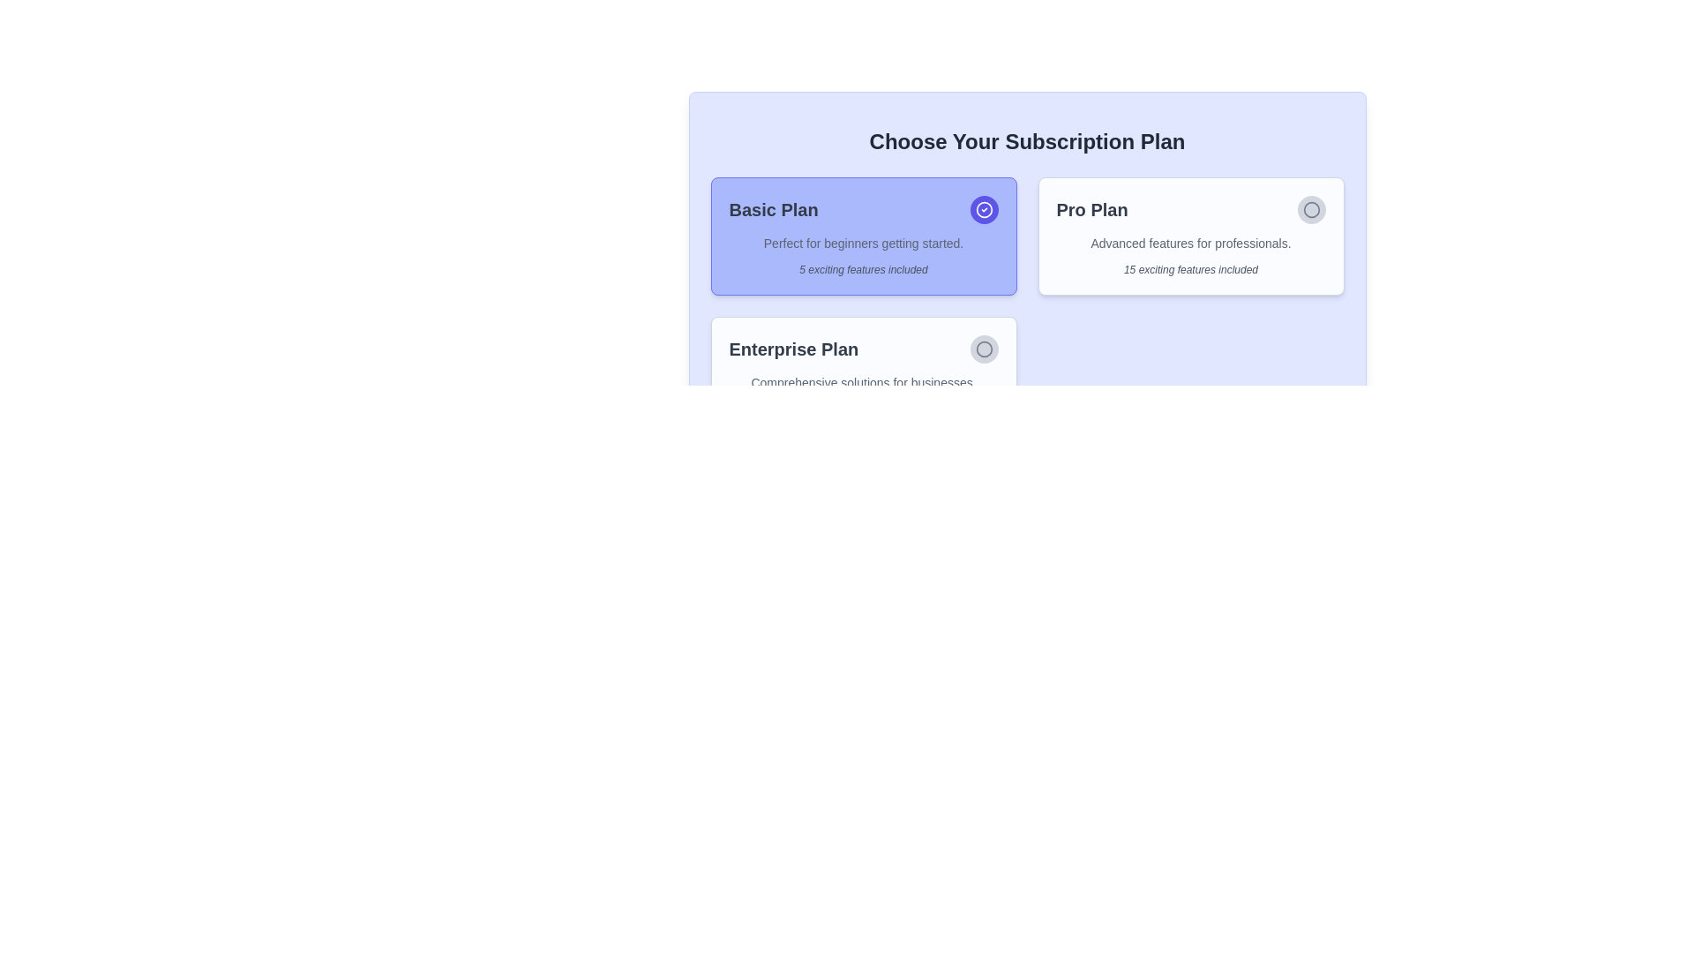 Image resolution: width=1694 pixels, height=953 pixels. I want to click on the circular icon-based button with a gray background located to the right of the 'Enterprise Plan' text for more details, so click(983, 349).